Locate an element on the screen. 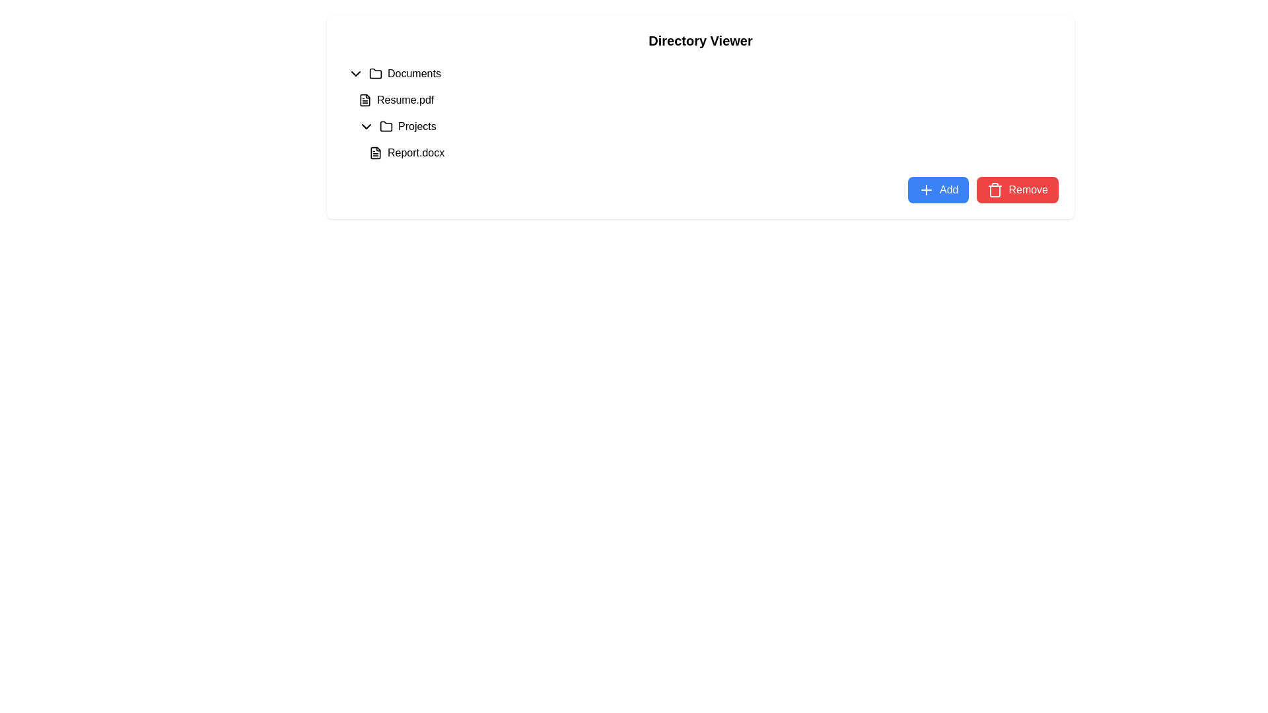 The image size is (1268, 713). the trash bin icon located within the 'Remove' button at the bottom right corner of the interface is located at coordinates (995, 190).